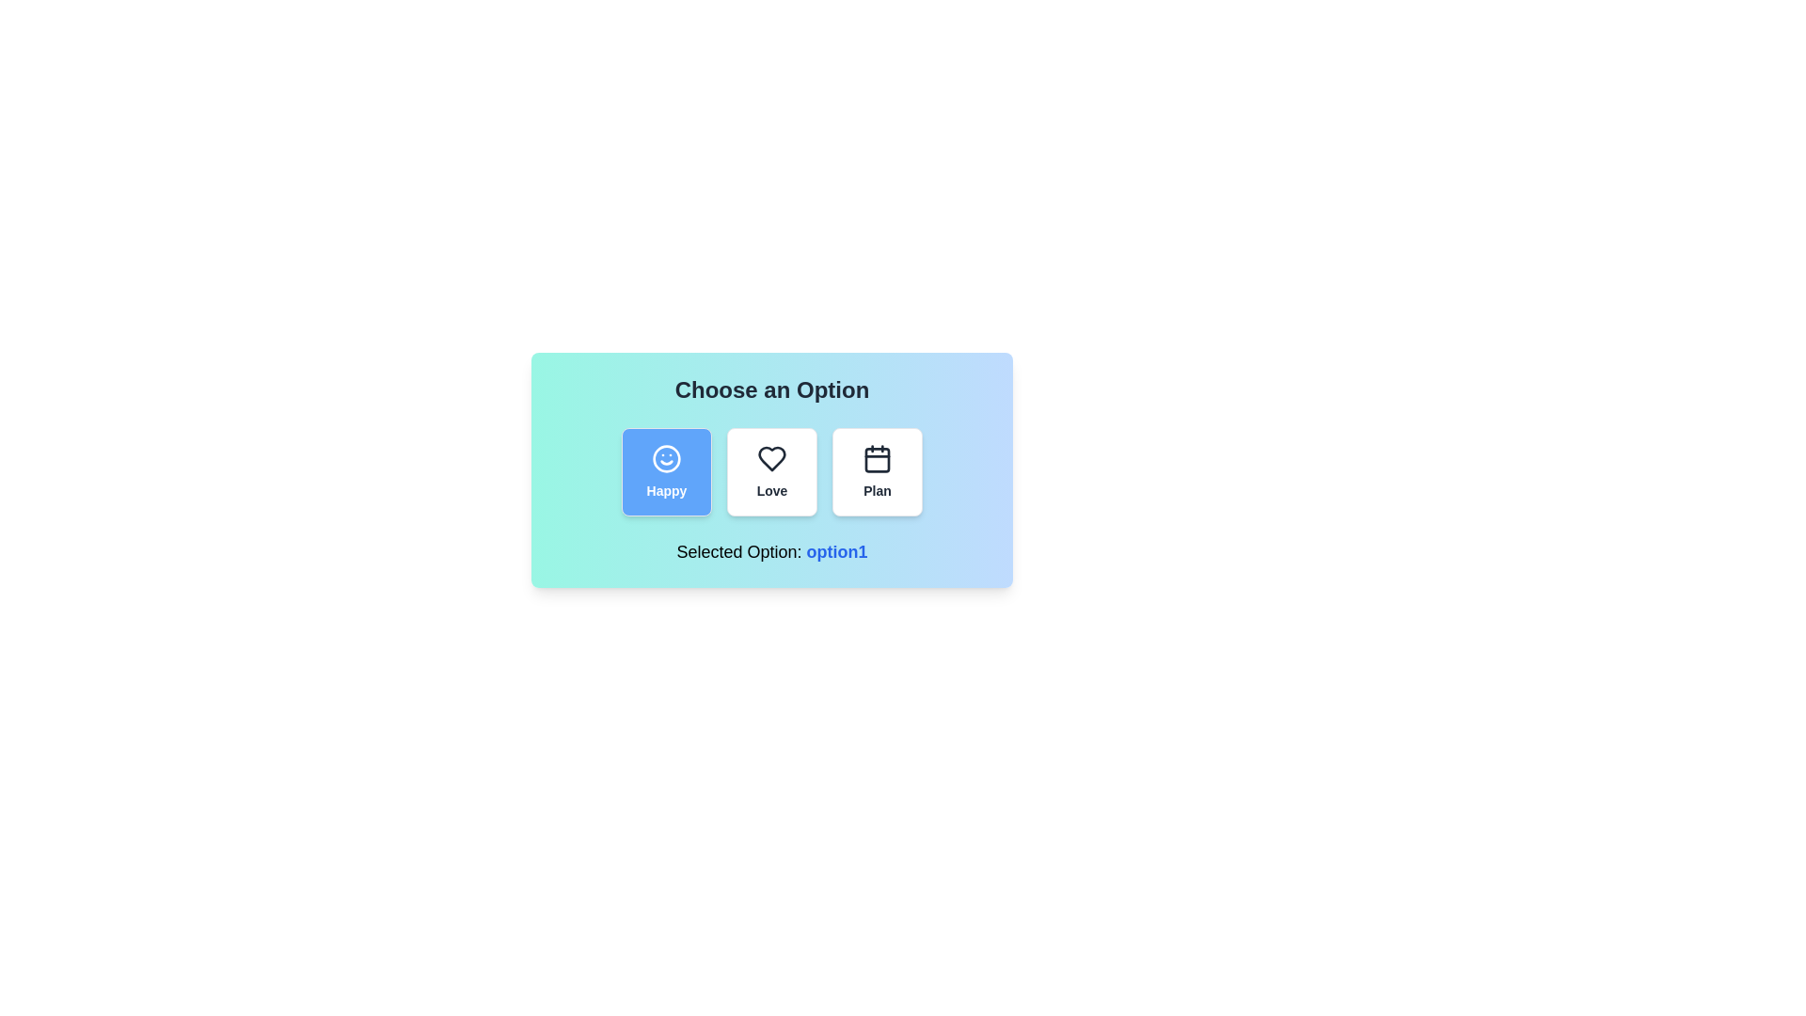 The height and width of the screenshot is (1016, 1806). Describe the element at coordinates (876, 460) in the screenshot. I see `the position of the rounded rectangle within the calendar icon, specifically located in the third selectable option labeled 'Plan'` at that location.